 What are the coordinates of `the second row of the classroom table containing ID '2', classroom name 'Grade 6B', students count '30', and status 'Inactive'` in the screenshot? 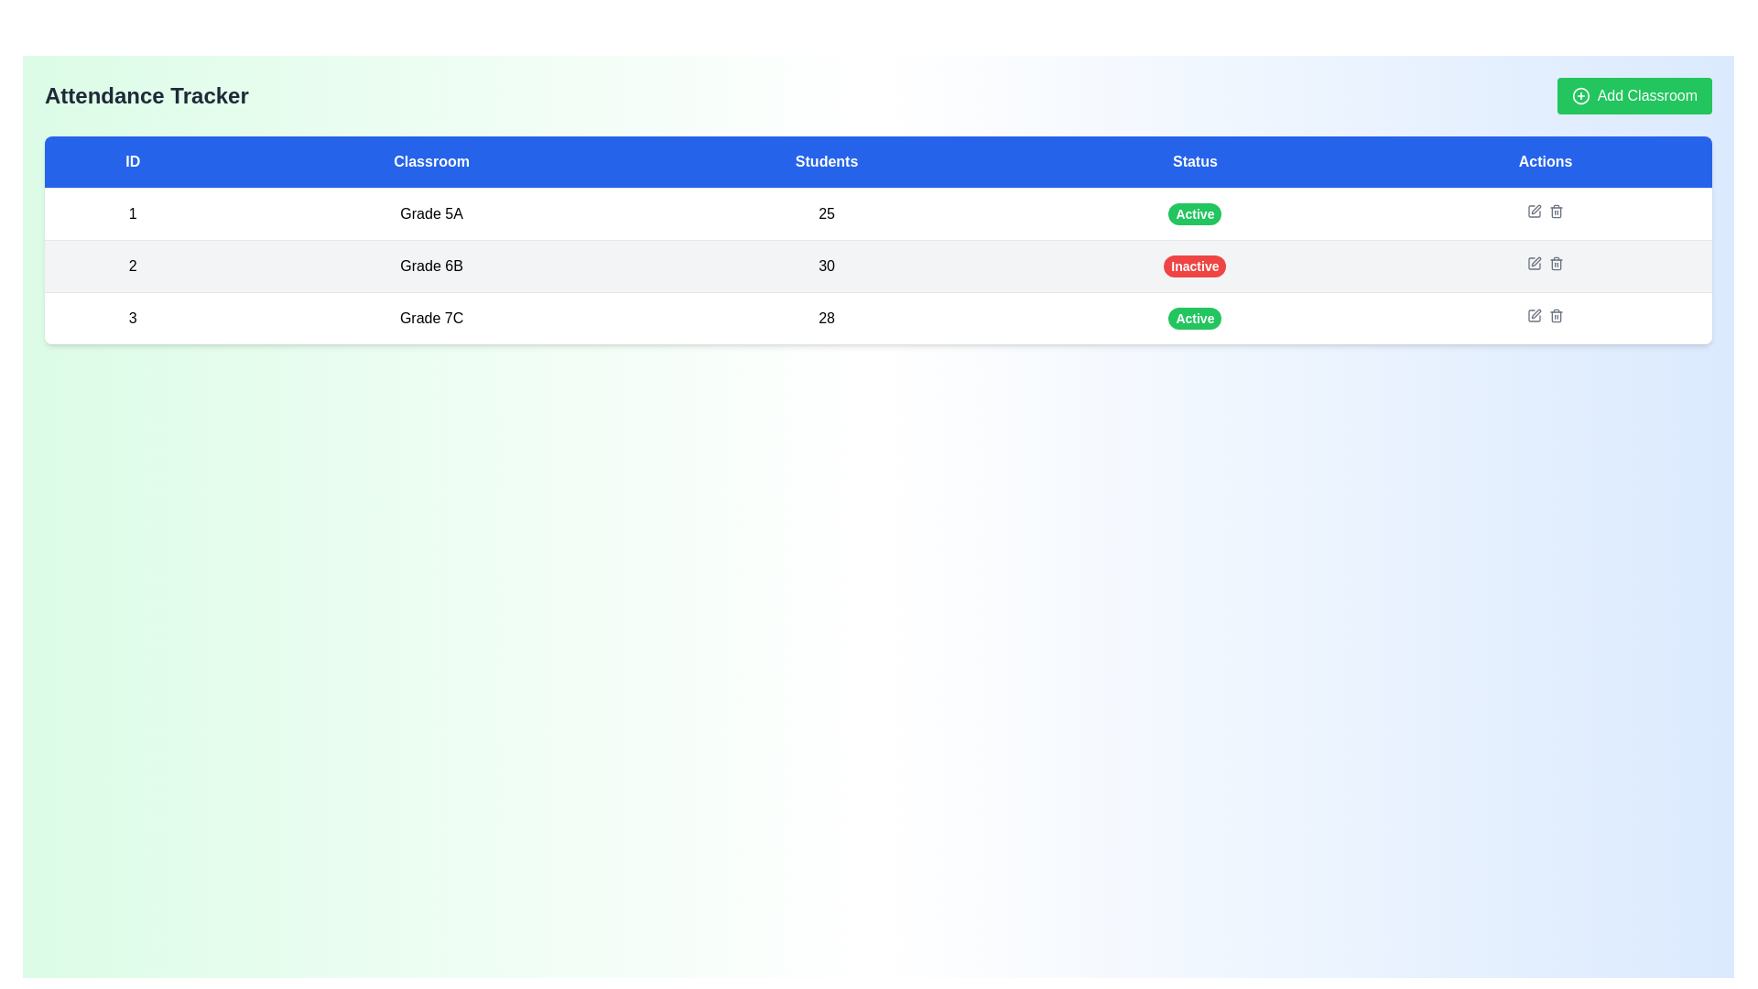 It's located at (877, 266).